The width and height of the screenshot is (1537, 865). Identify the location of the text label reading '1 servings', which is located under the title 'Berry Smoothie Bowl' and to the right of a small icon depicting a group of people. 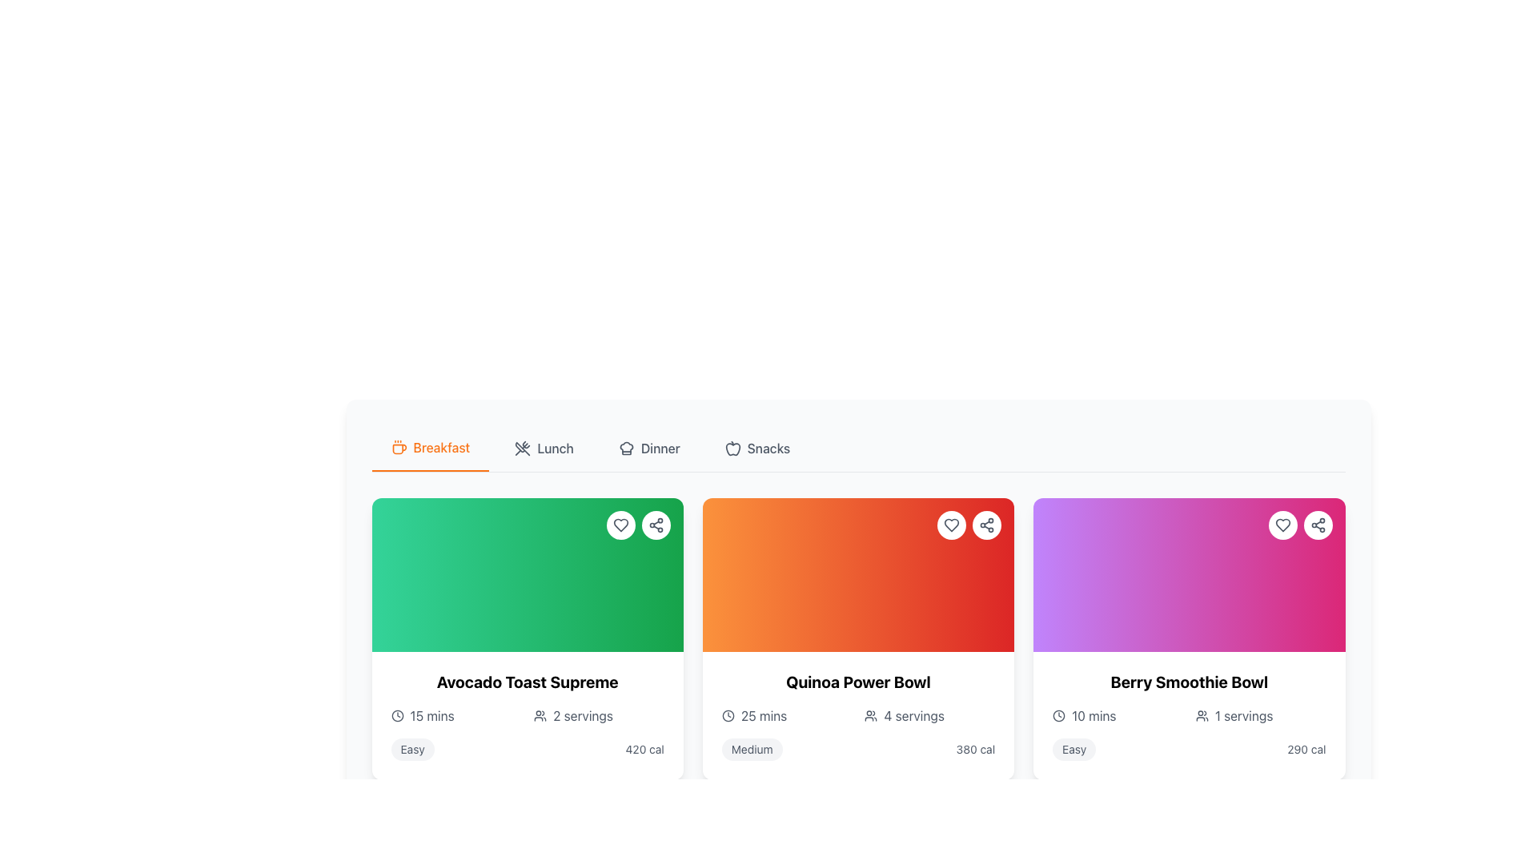
(1243, 715).